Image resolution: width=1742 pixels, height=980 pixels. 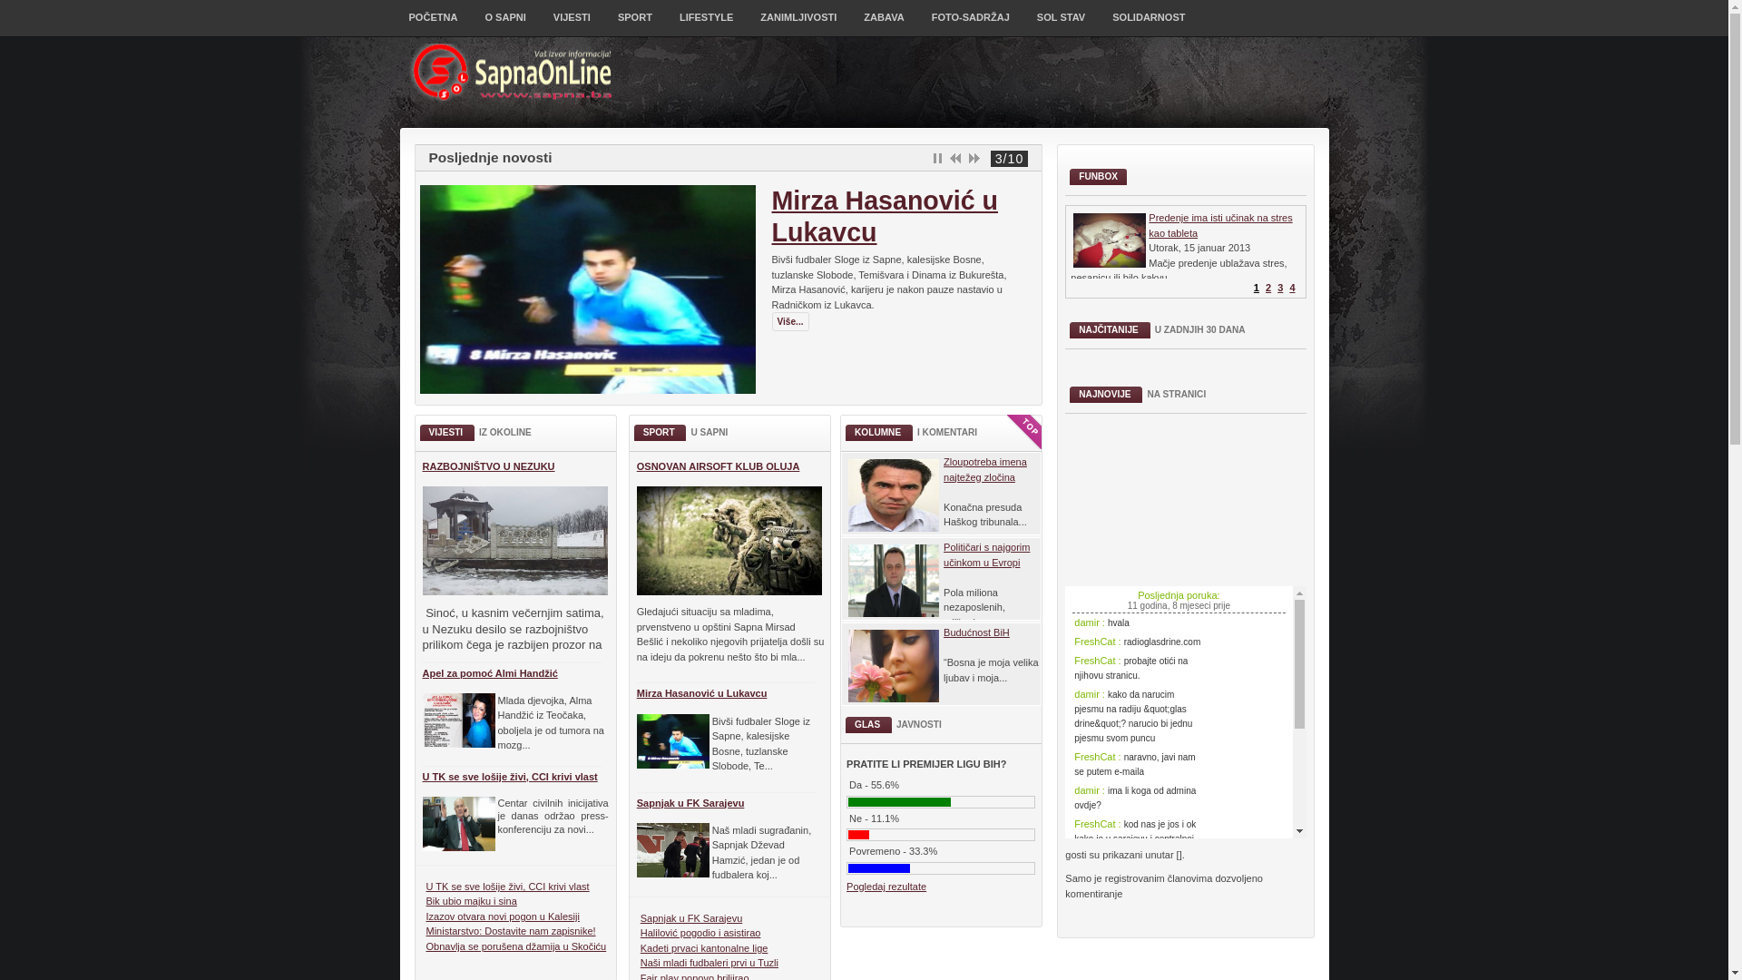 I want to click on 'Kadeti prvaci kantonalne lige', so click(x=703, y=947).